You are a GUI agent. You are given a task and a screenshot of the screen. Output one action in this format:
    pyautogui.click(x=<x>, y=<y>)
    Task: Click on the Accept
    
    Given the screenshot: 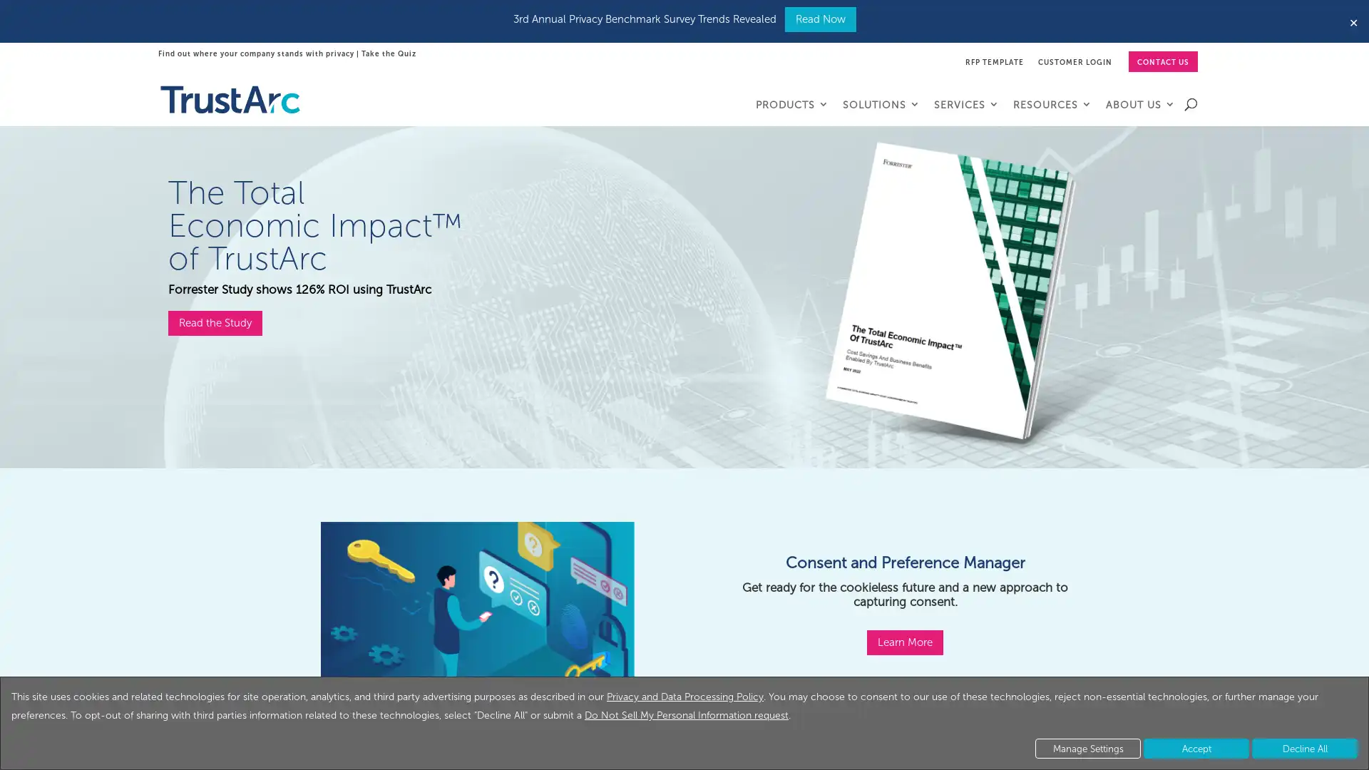 What is the action you would take?
    pyautogui.click(x=1196, y=747)
    